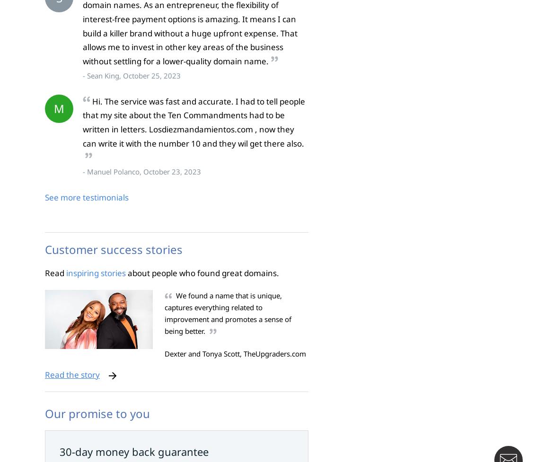 Image resolution: width=544 pixels, height=462 pixels. I want to click on '- Manuel Polanco, October 23, 2023', so click(82, 171).